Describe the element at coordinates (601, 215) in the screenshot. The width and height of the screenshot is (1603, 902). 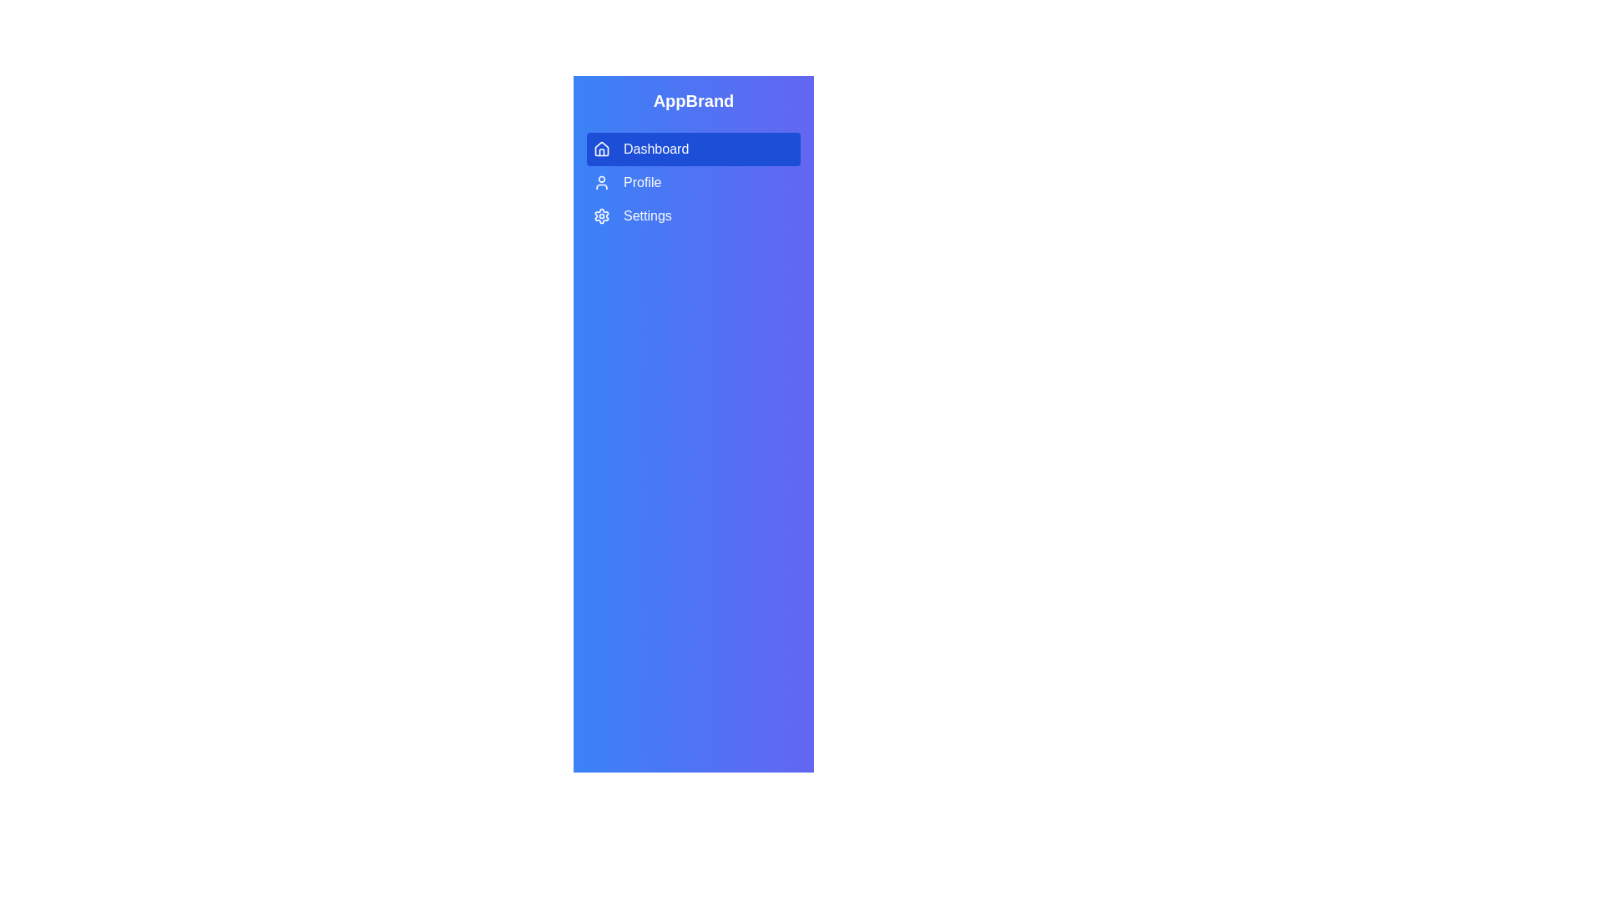
I see `the cog-like icon on the sidebar next to the 'Settings' text` at that location.